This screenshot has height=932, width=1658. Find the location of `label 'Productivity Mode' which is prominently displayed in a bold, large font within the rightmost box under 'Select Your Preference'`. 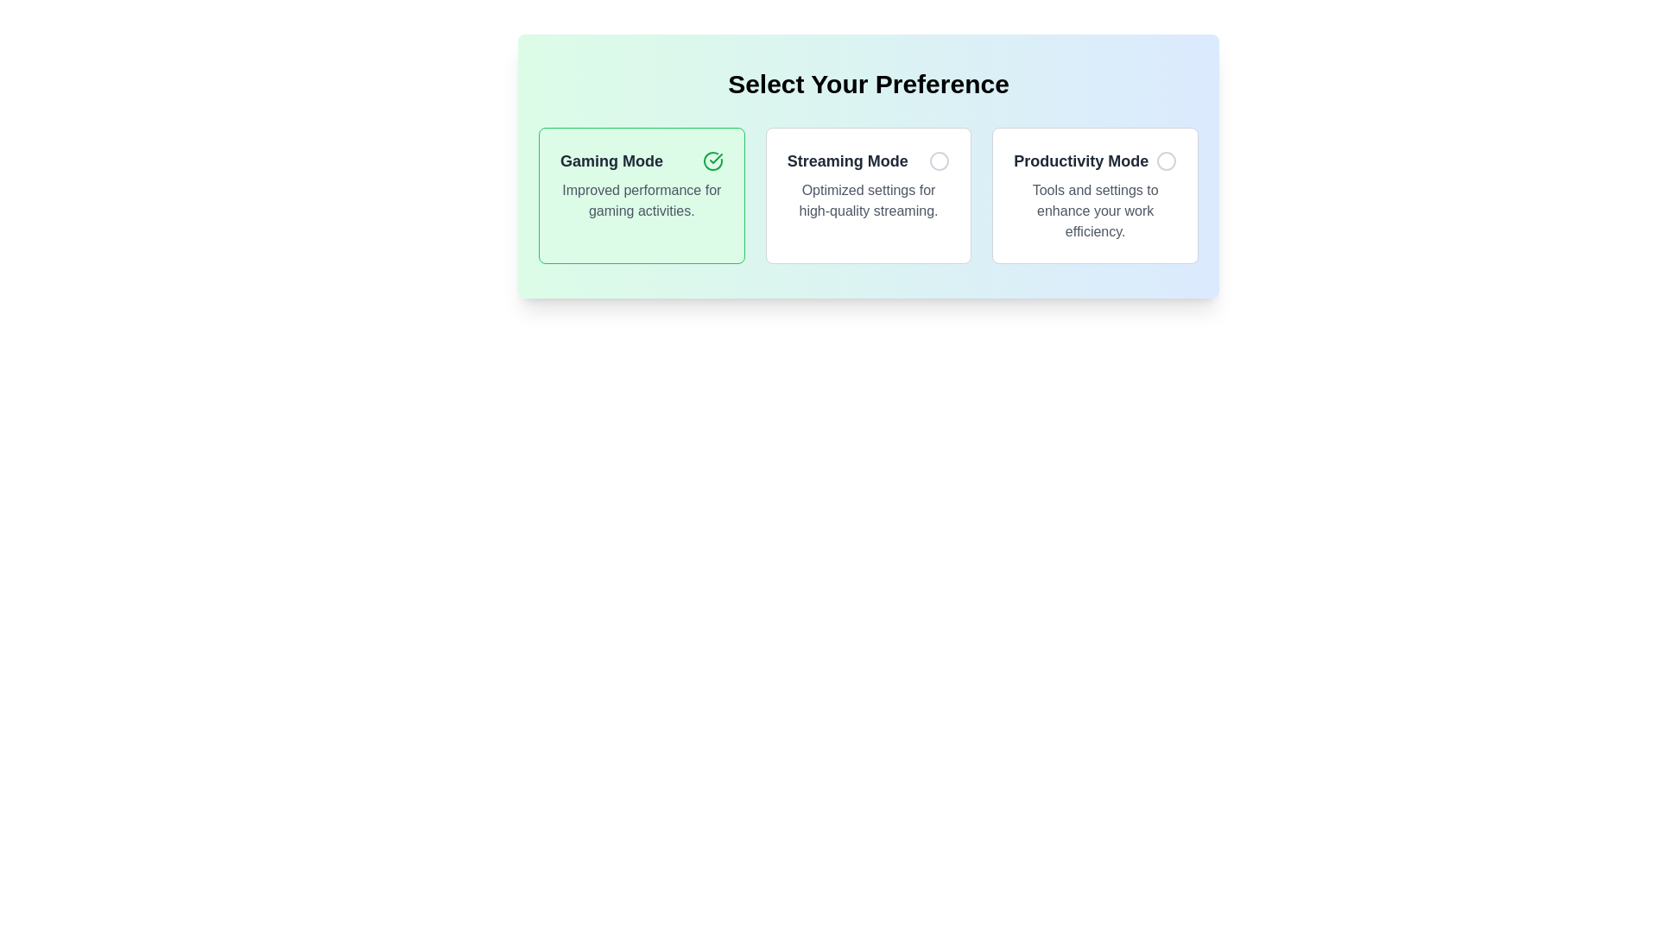

label 'Productivity Mode' which is prominently displayed in a bold, large font within the rightmost box under 'Select Your Preference' is located at coordinates (1080, 161).